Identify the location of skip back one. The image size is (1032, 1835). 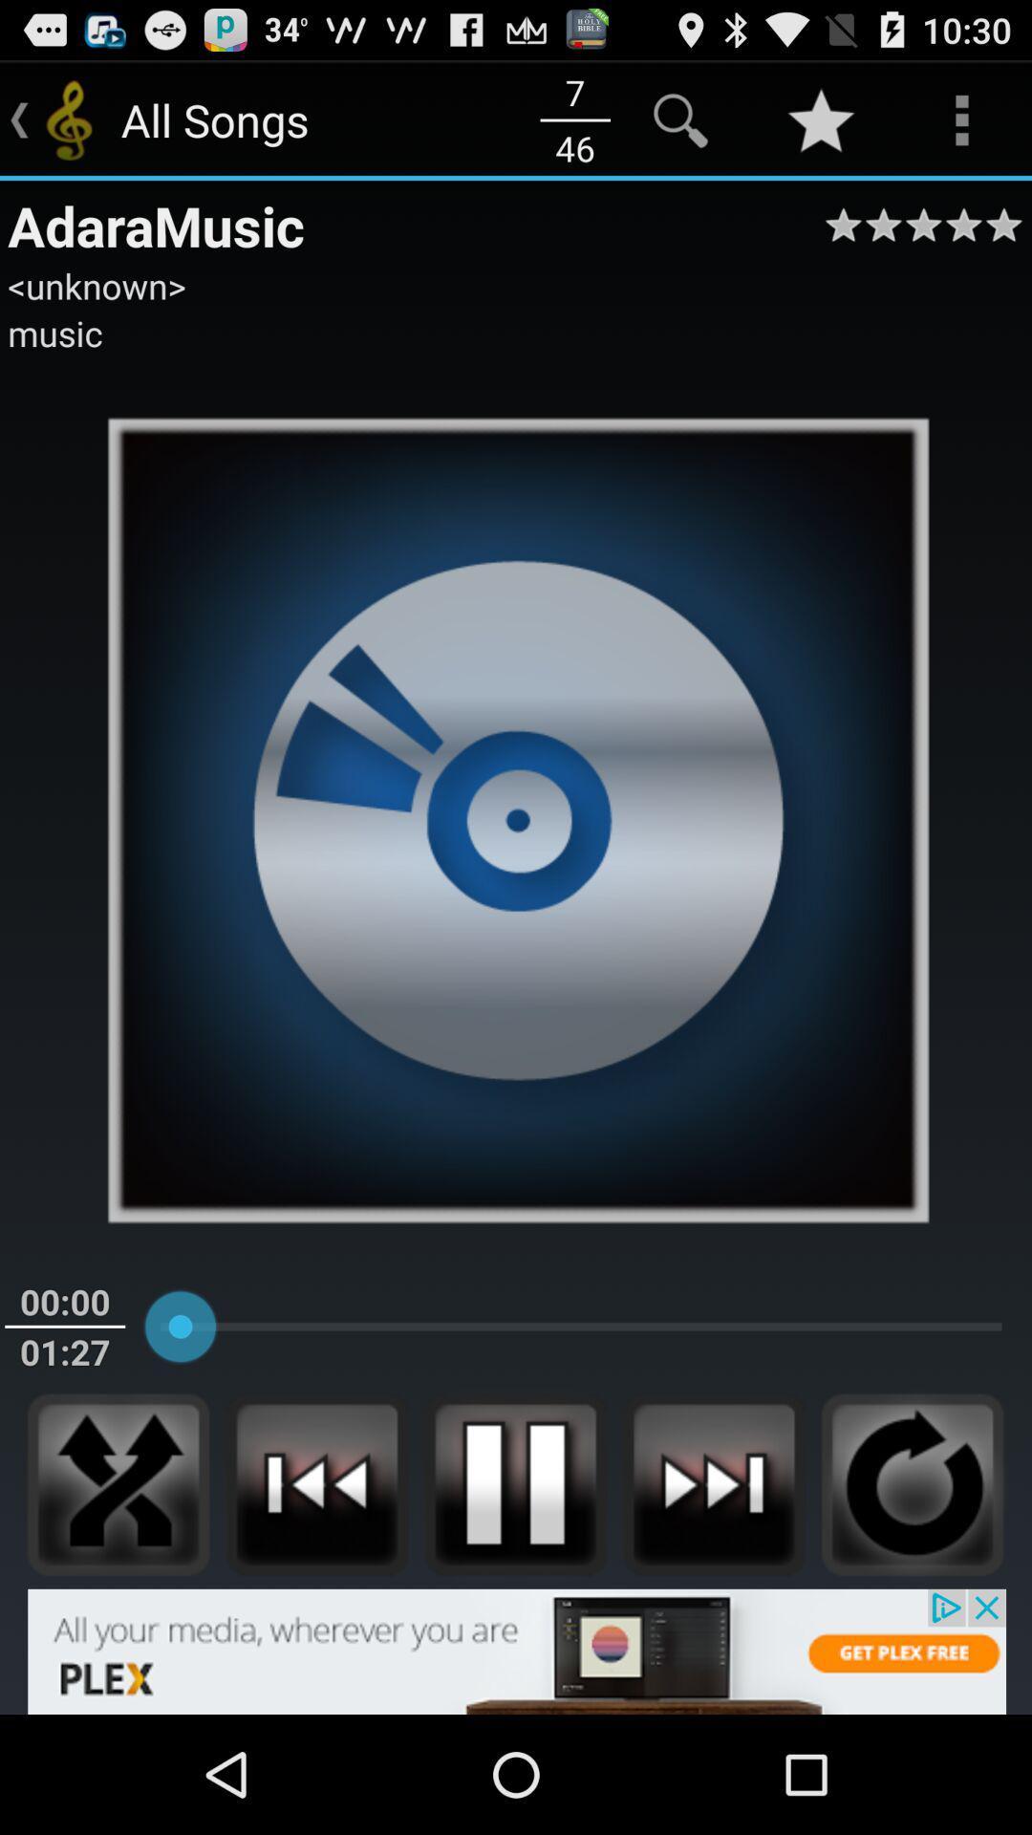
(315, 1483).